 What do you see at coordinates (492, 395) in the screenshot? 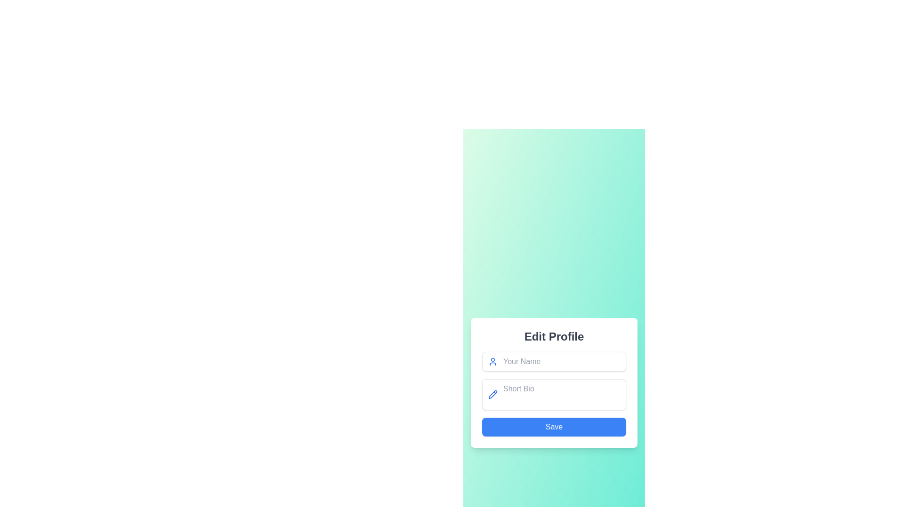
I see `the blue pencil icon representing editing, located to the left of the 'Short Bio' text input` at bounding box center [492, 395].